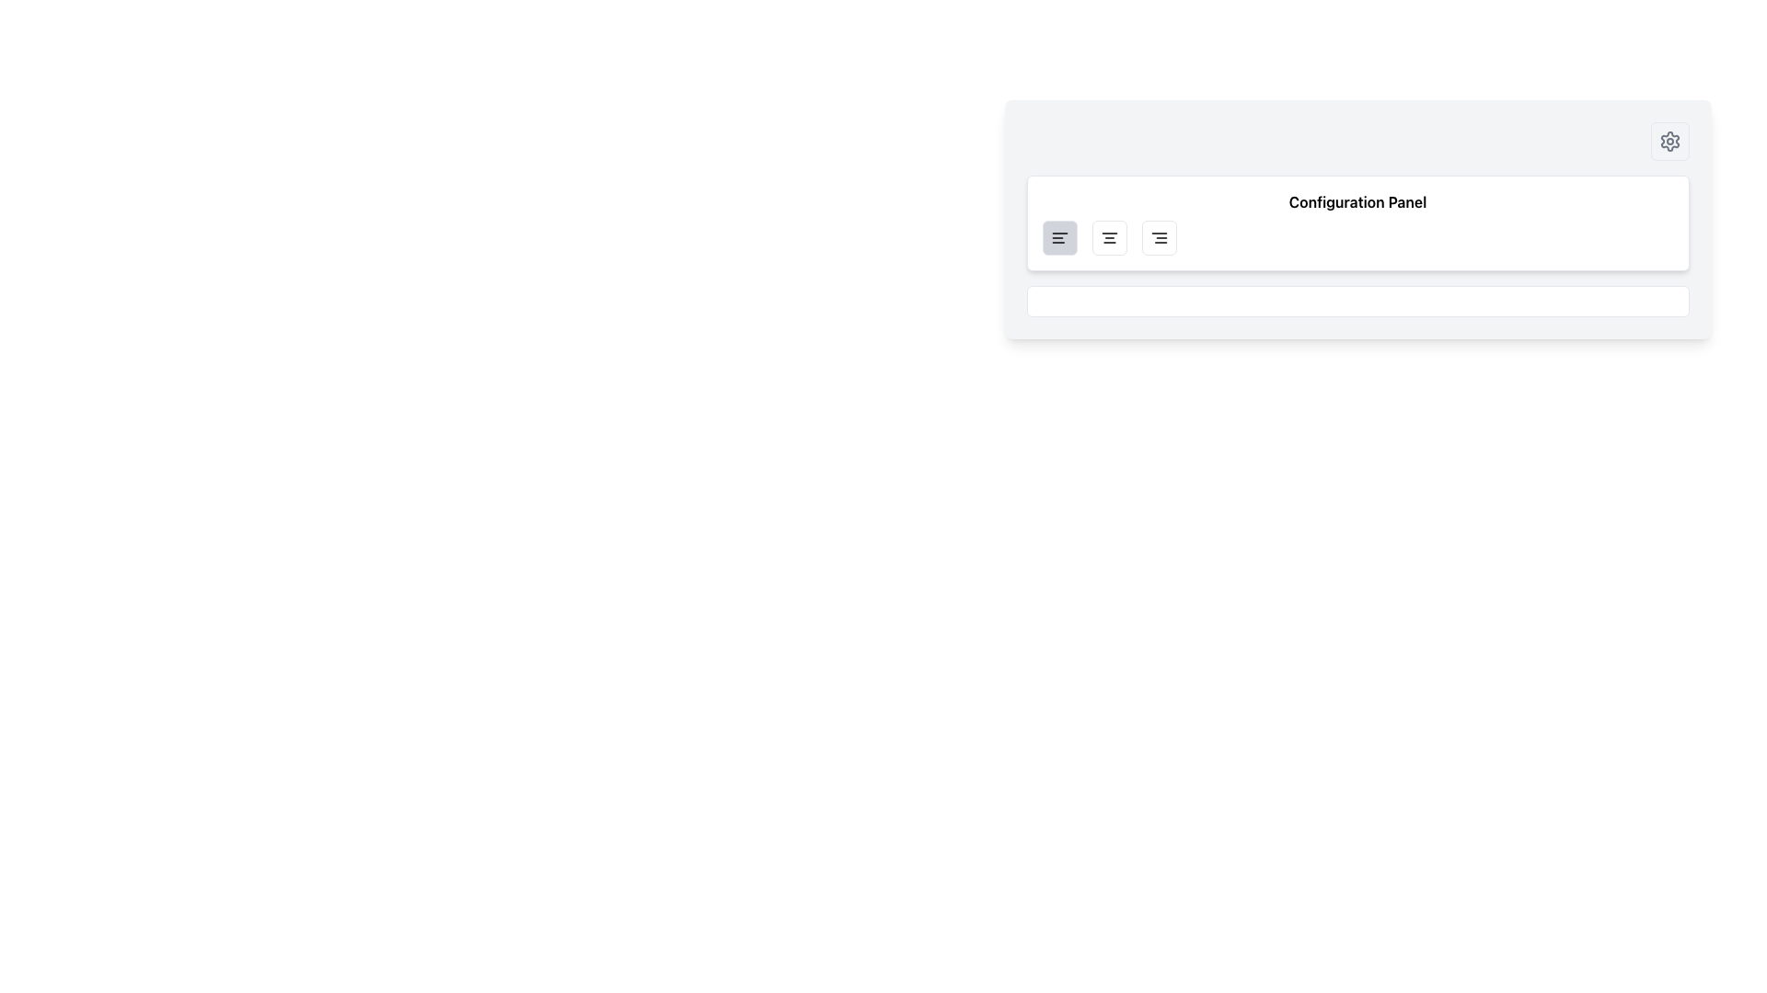 Image resolution: width=1767 pixels, height=993 pixels. What do you see at coordinates (1059, 236) in the screenshot?
I see `the left-align text formatting button located at the top right corner of the configuration panel` at bounding box center [1059, 236].